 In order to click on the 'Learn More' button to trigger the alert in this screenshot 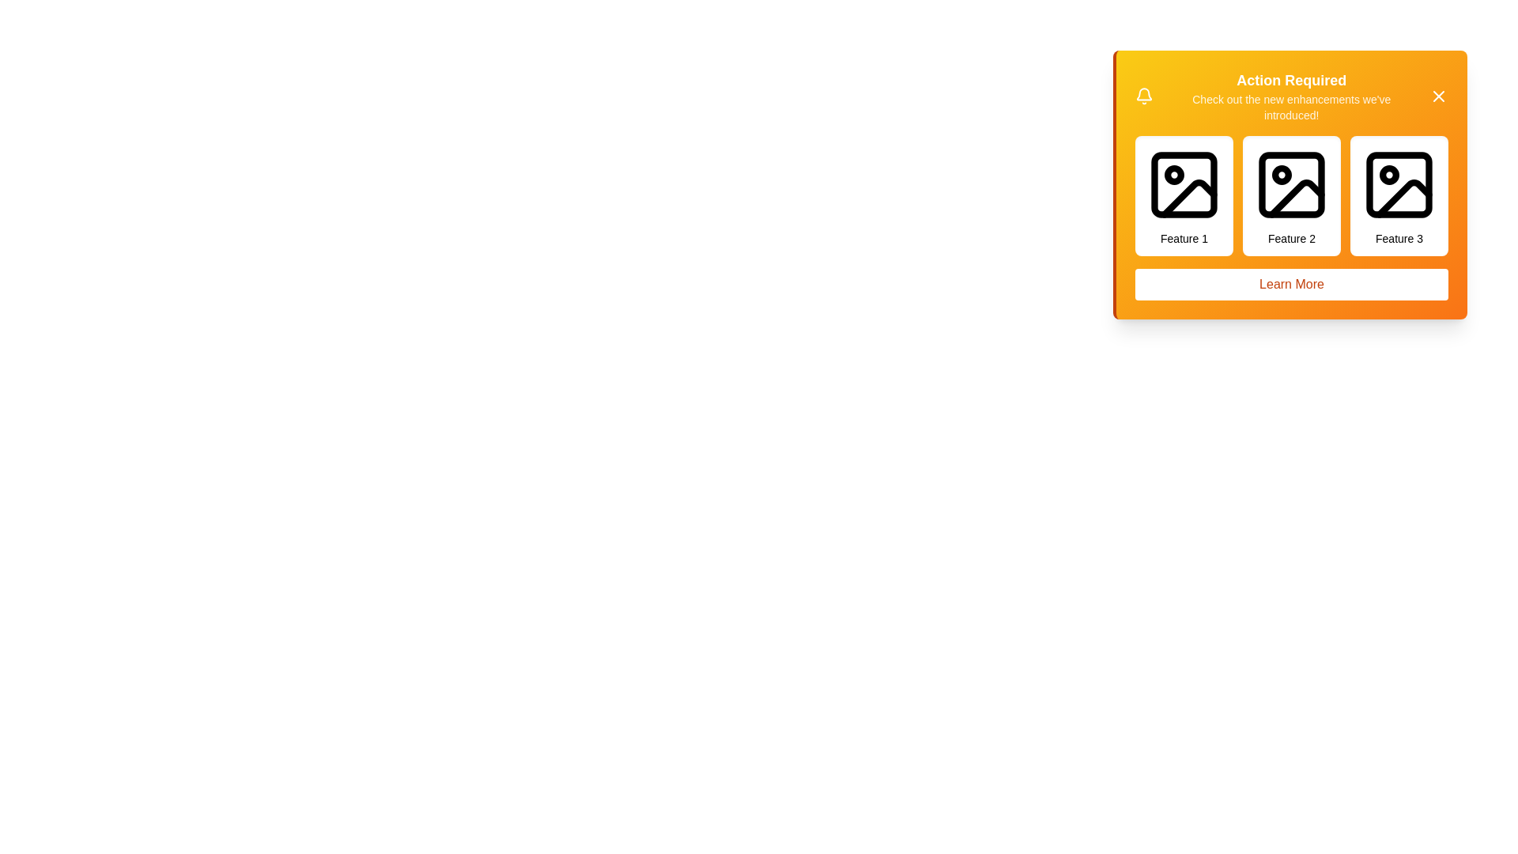, I will do `click(1291, 283)`.